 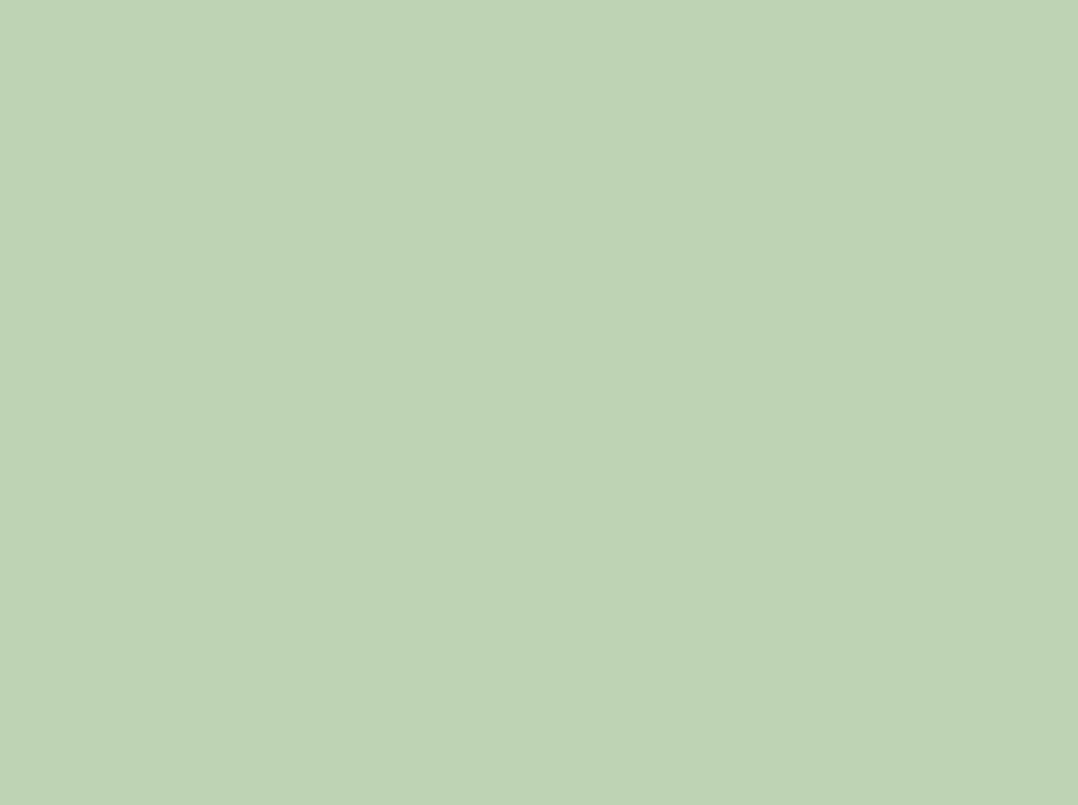 What do you see at coordinates (506, 98) in the screenshot?
I see `'61st. Ken Maynes'` at bounding box center [506, 98].